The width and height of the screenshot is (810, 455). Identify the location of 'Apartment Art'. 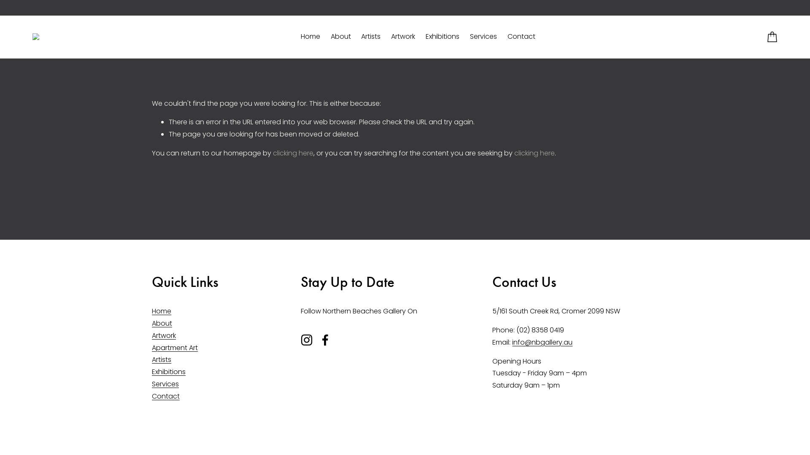
(174, 348).